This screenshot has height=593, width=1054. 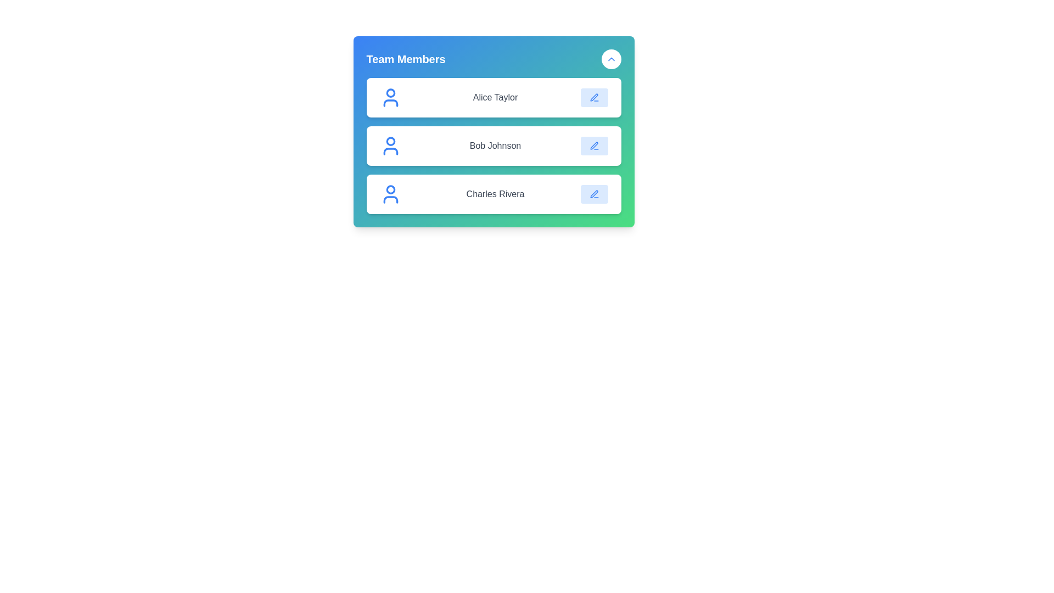 I want to click on the user icon next to the contact named Alice Taylor, so click(x=390, y=97).